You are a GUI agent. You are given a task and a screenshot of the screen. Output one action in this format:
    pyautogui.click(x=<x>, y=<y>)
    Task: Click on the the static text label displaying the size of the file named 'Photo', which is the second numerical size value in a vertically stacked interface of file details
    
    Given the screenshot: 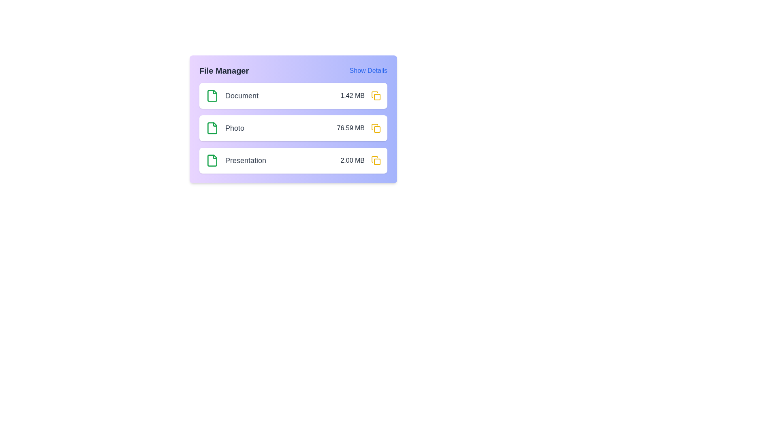 What is the action you would take?
    pyautogui.click(x=351, y=127)
    